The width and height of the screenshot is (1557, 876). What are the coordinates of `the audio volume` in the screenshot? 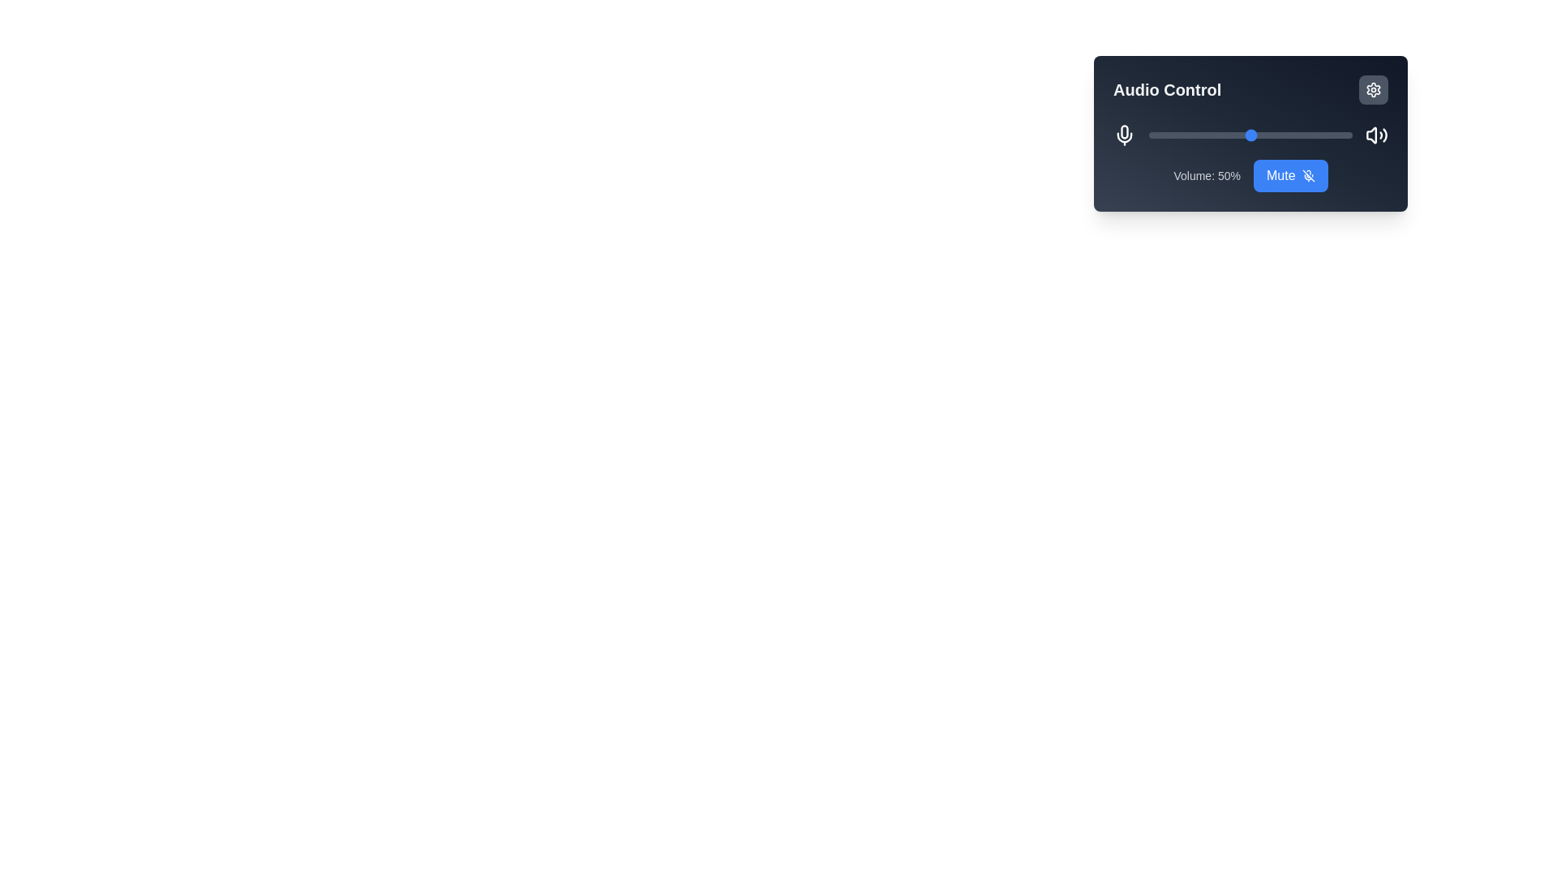 It's located at (1216, 134).